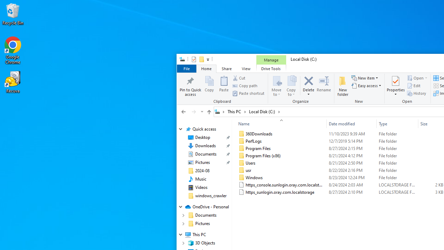 This screenshot has width=444, height=250. What do you see at coordinates (237, 111) in the screenshot?
I see `'This PC'` at bounding box center [237, 111].